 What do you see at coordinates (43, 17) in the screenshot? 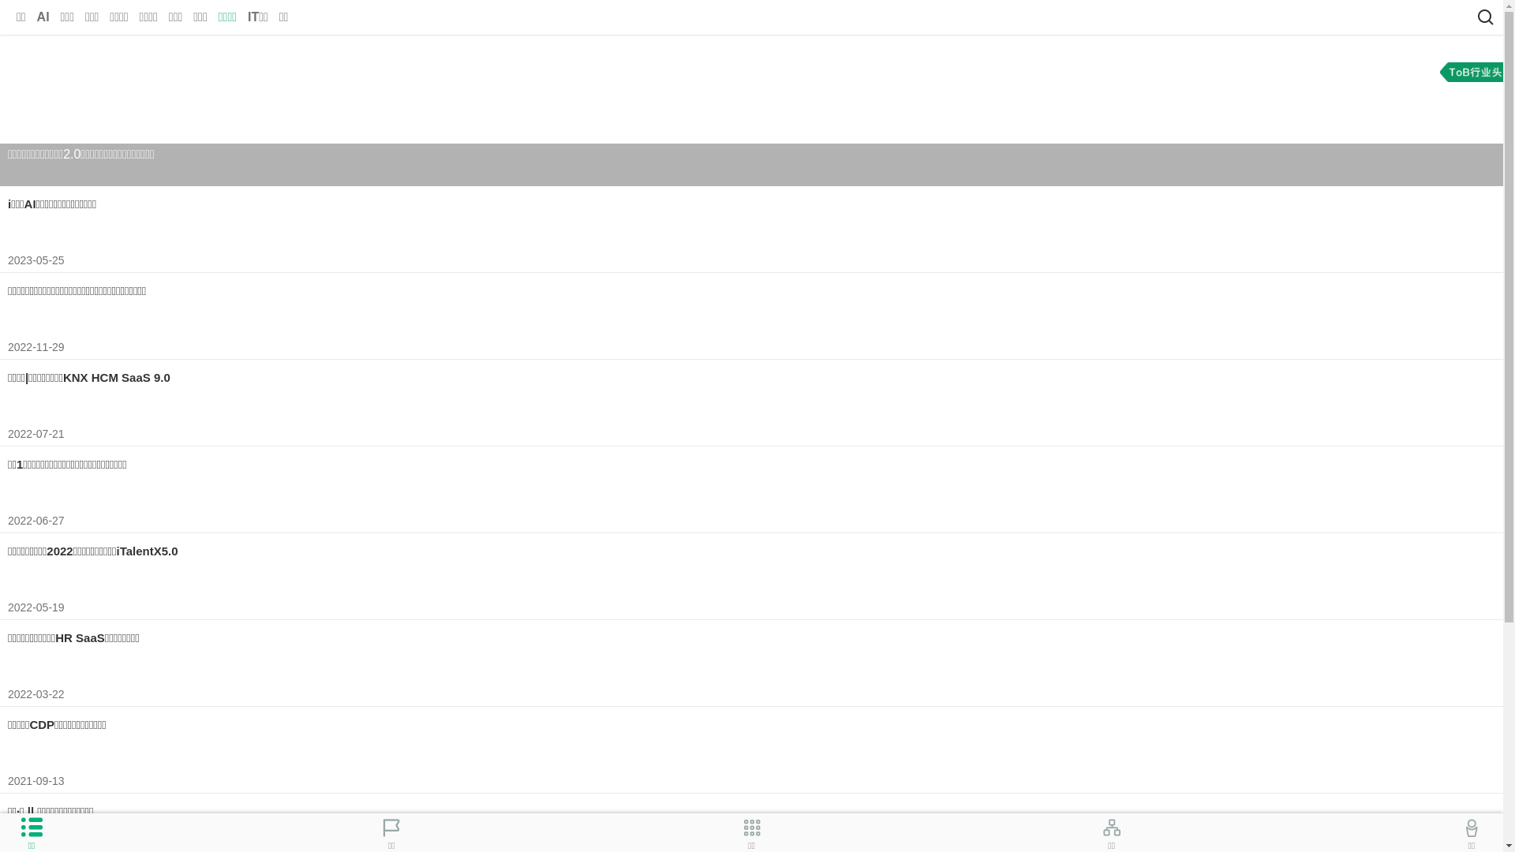
I see `'AI'` at bounding box center [43, 17].